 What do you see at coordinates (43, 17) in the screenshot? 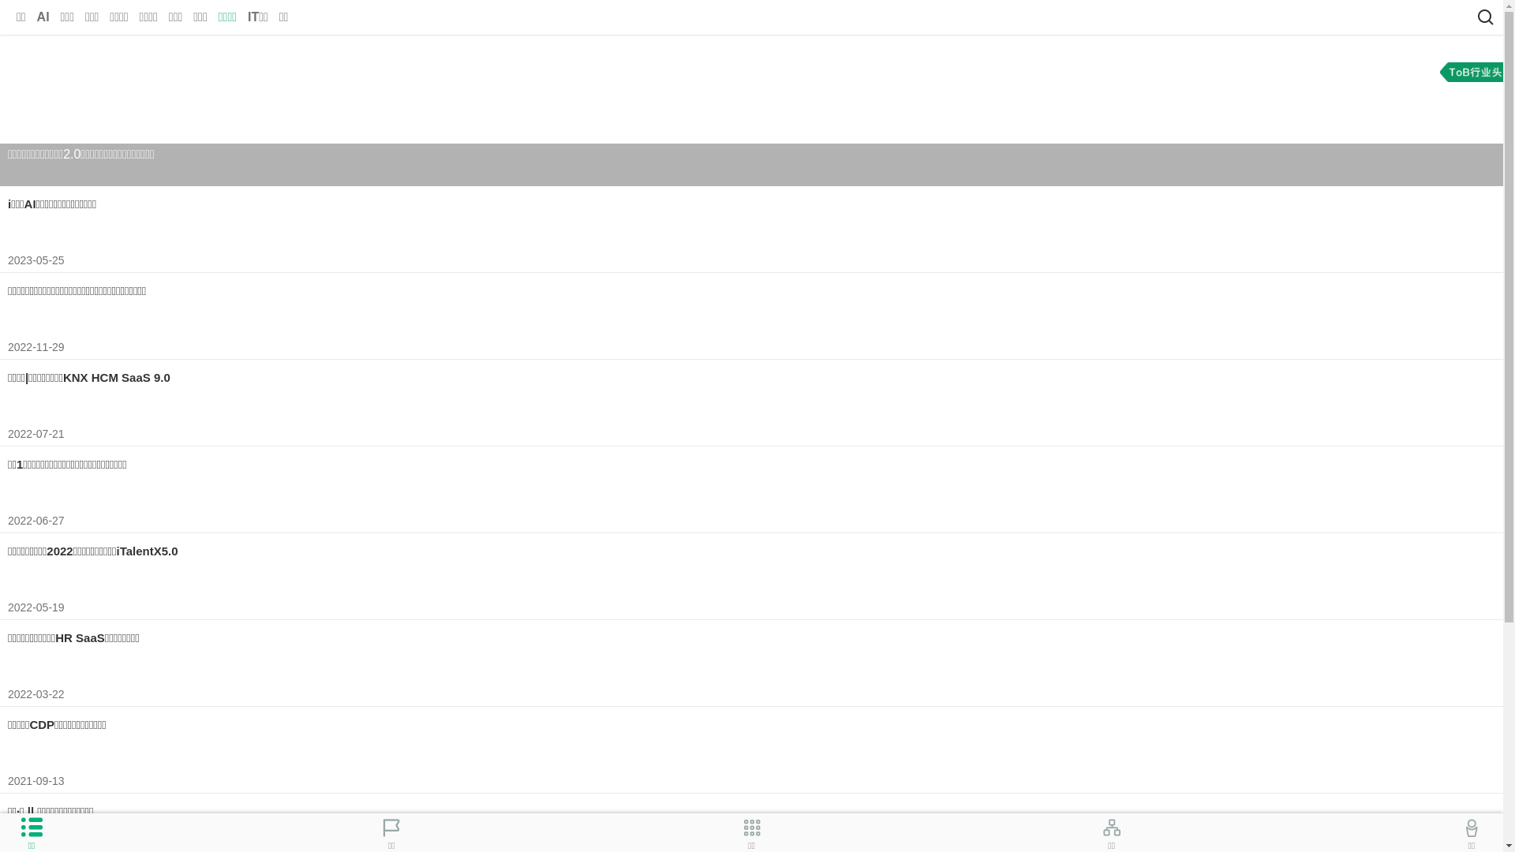
I see `'AI'` at bounding box center [43, 17].